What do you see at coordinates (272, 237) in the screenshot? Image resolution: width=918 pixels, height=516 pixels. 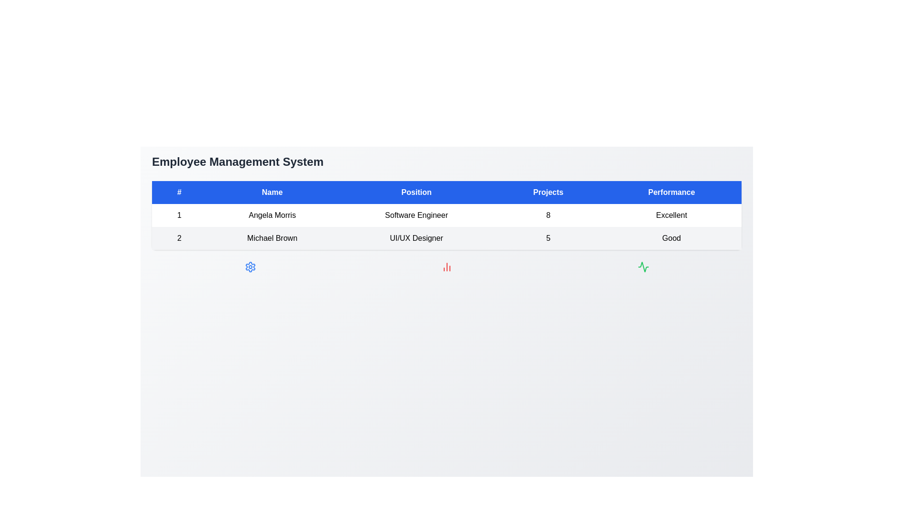 I see `the text label displaying 'Michael Brown' in black font, which is located in the second row and second column of the table under the 'Name' header` at bounding box center [272, 237].